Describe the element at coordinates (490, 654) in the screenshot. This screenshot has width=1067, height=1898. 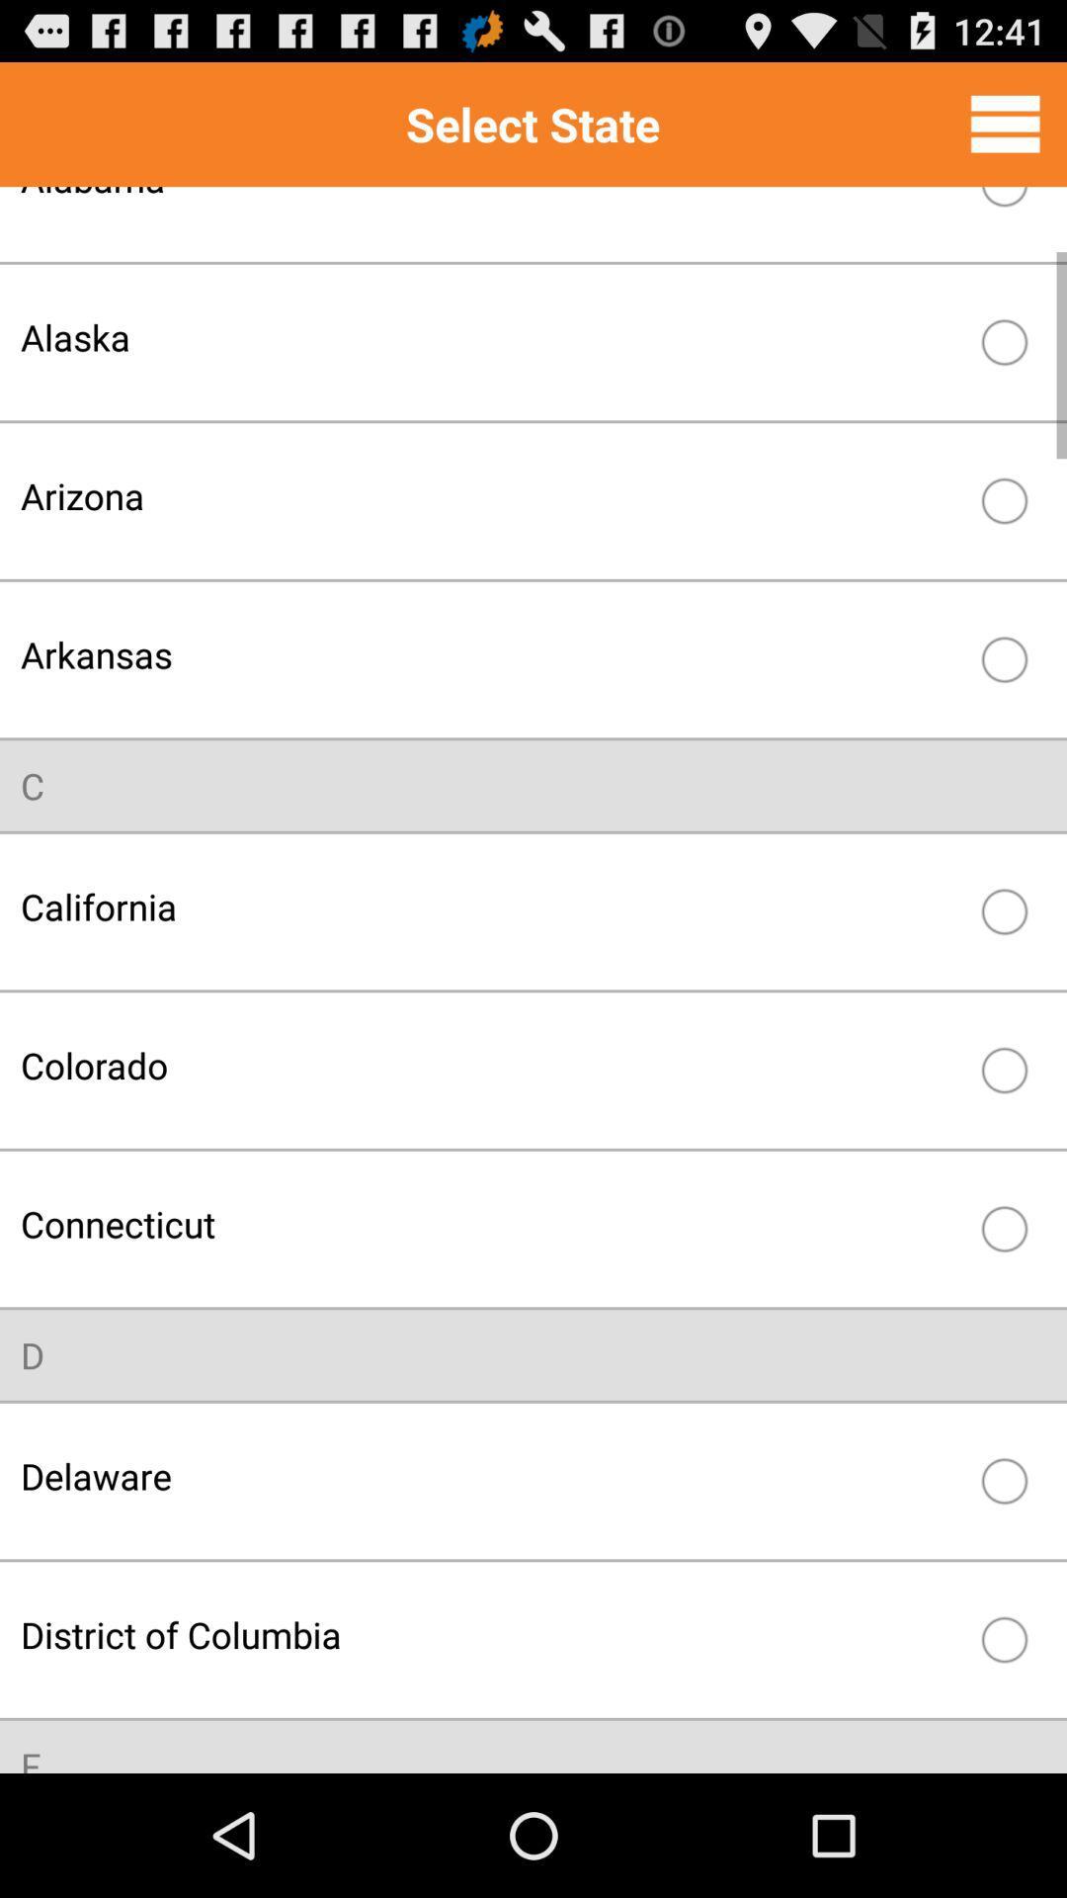
I see `arkansas item` at that location.